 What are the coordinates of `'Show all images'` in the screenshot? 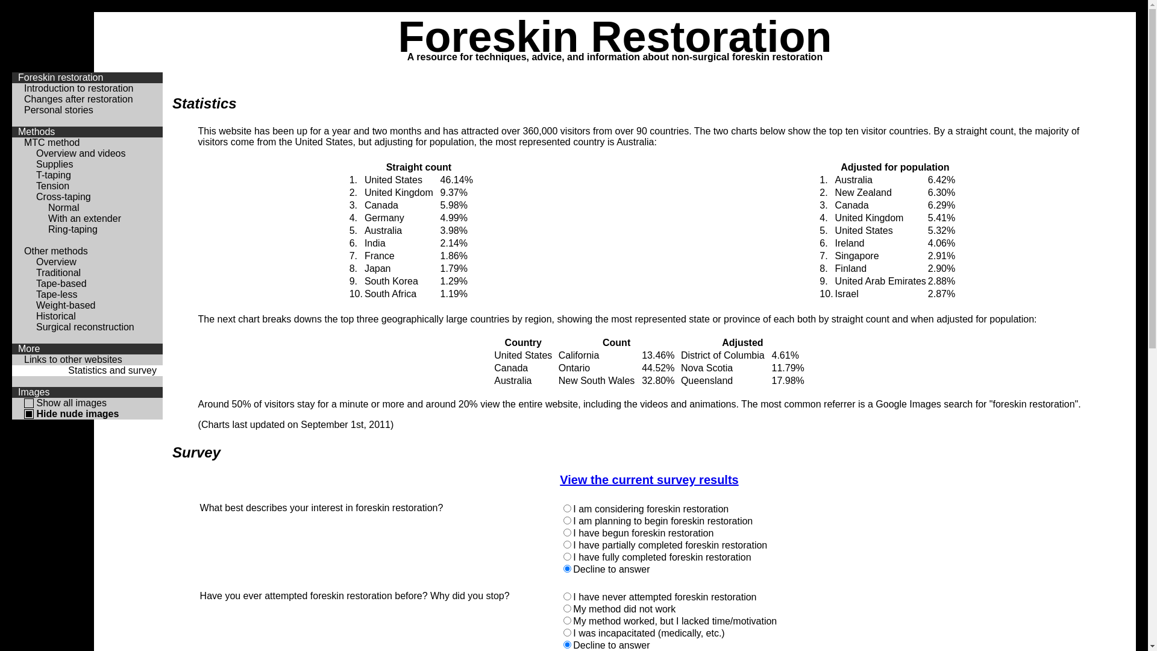 It's located at (71, 403).